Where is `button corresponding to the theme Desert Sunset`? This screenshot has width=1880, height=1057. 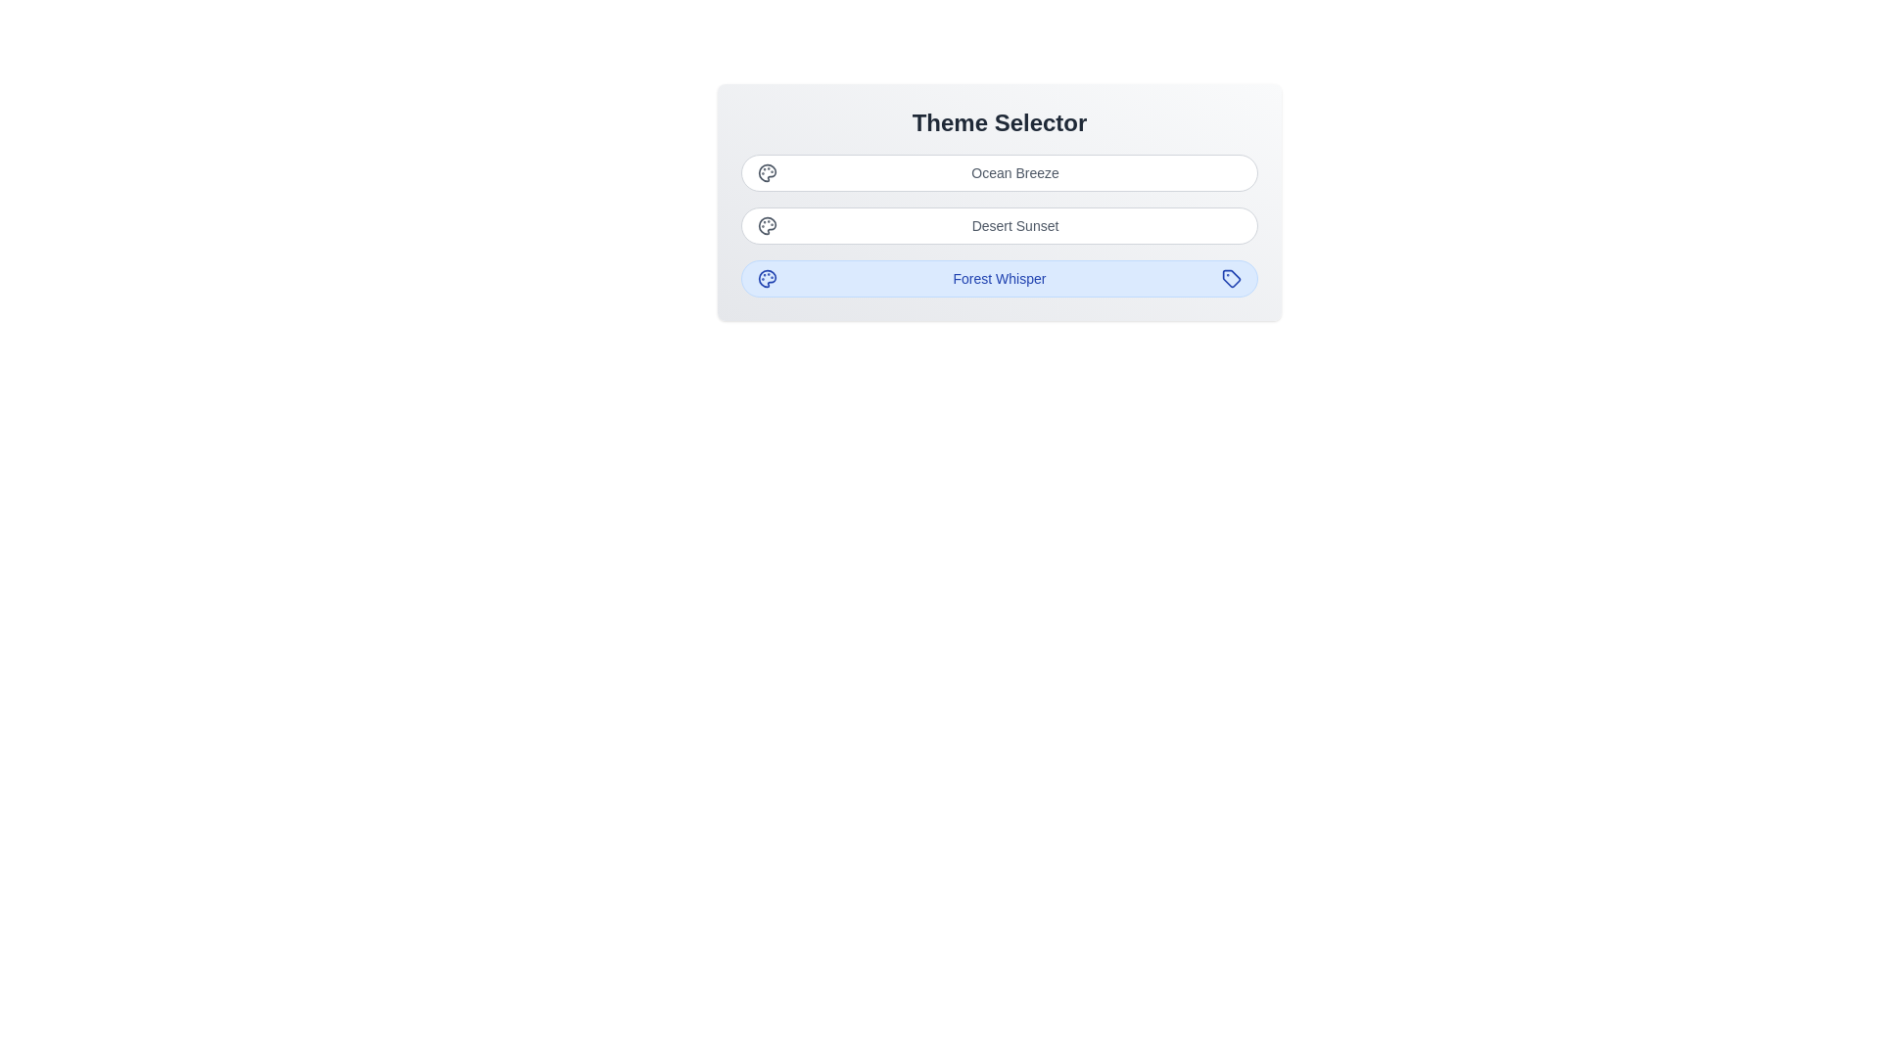
button corresponding to the theme Desert Sunset is located at coordinates (1000, 225).